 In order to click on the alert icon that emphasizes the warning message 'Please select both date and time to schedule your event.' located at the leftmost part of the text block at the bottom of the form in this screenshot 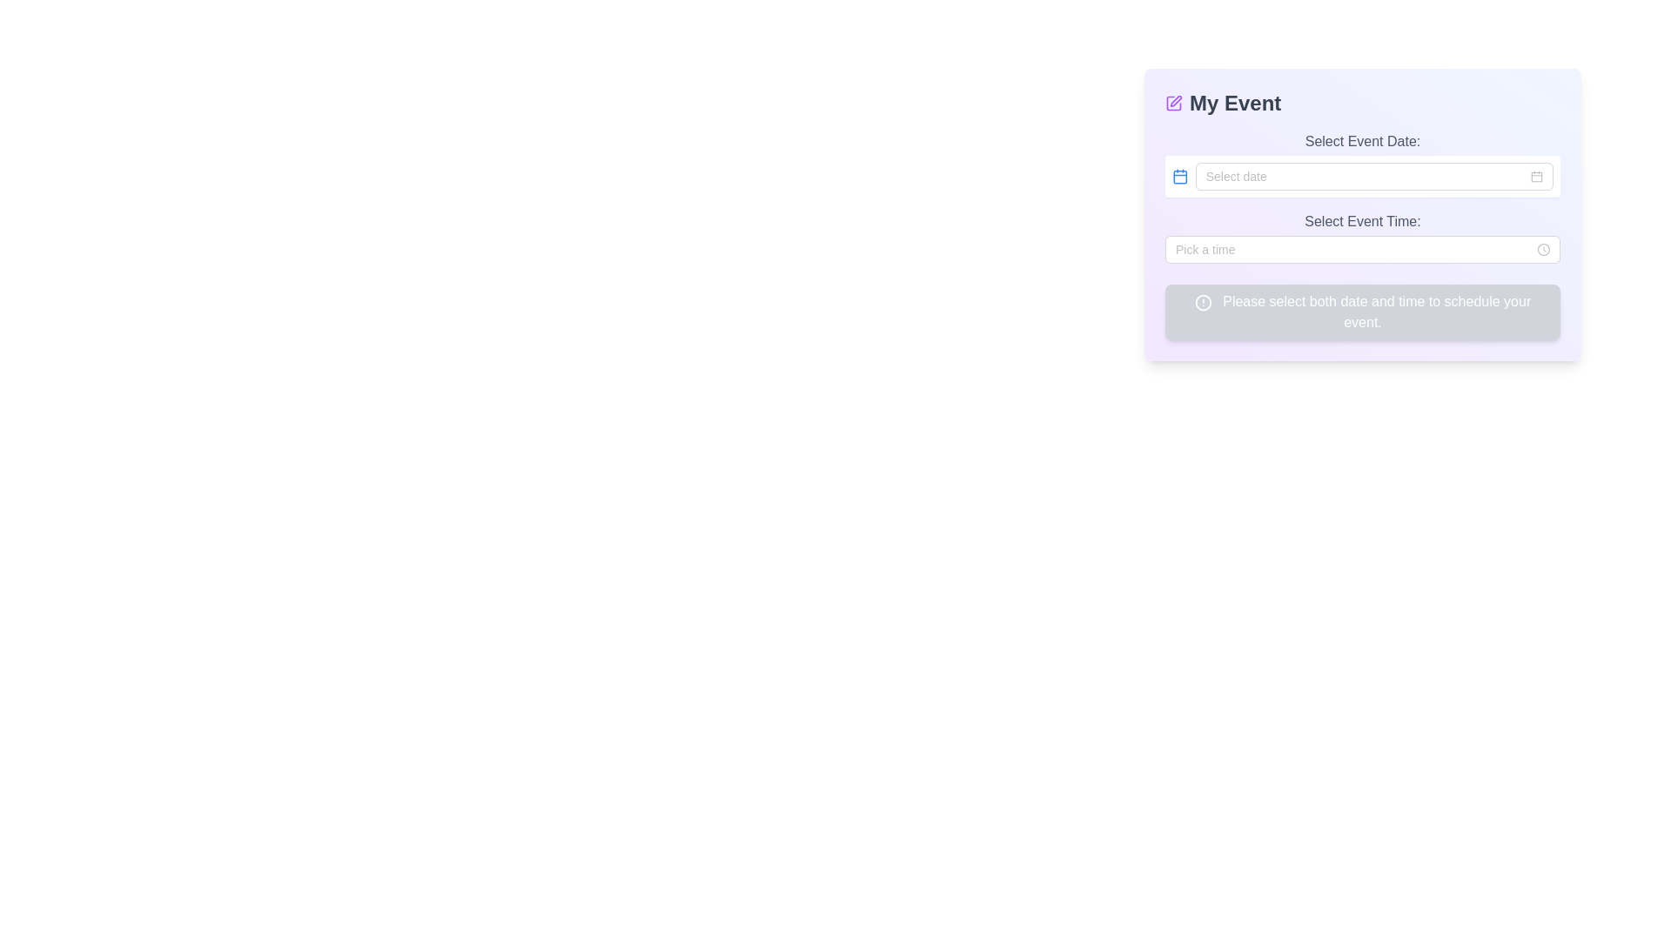, I will do `click(1202, 301)`.